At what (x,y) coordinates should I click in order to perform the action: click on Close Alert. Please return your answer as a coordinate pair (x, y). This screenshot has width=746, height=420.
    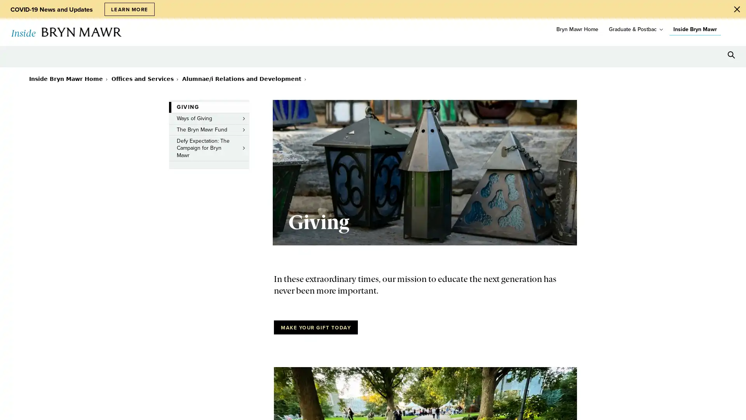
    Looking at the image, I should click on (734, 9).